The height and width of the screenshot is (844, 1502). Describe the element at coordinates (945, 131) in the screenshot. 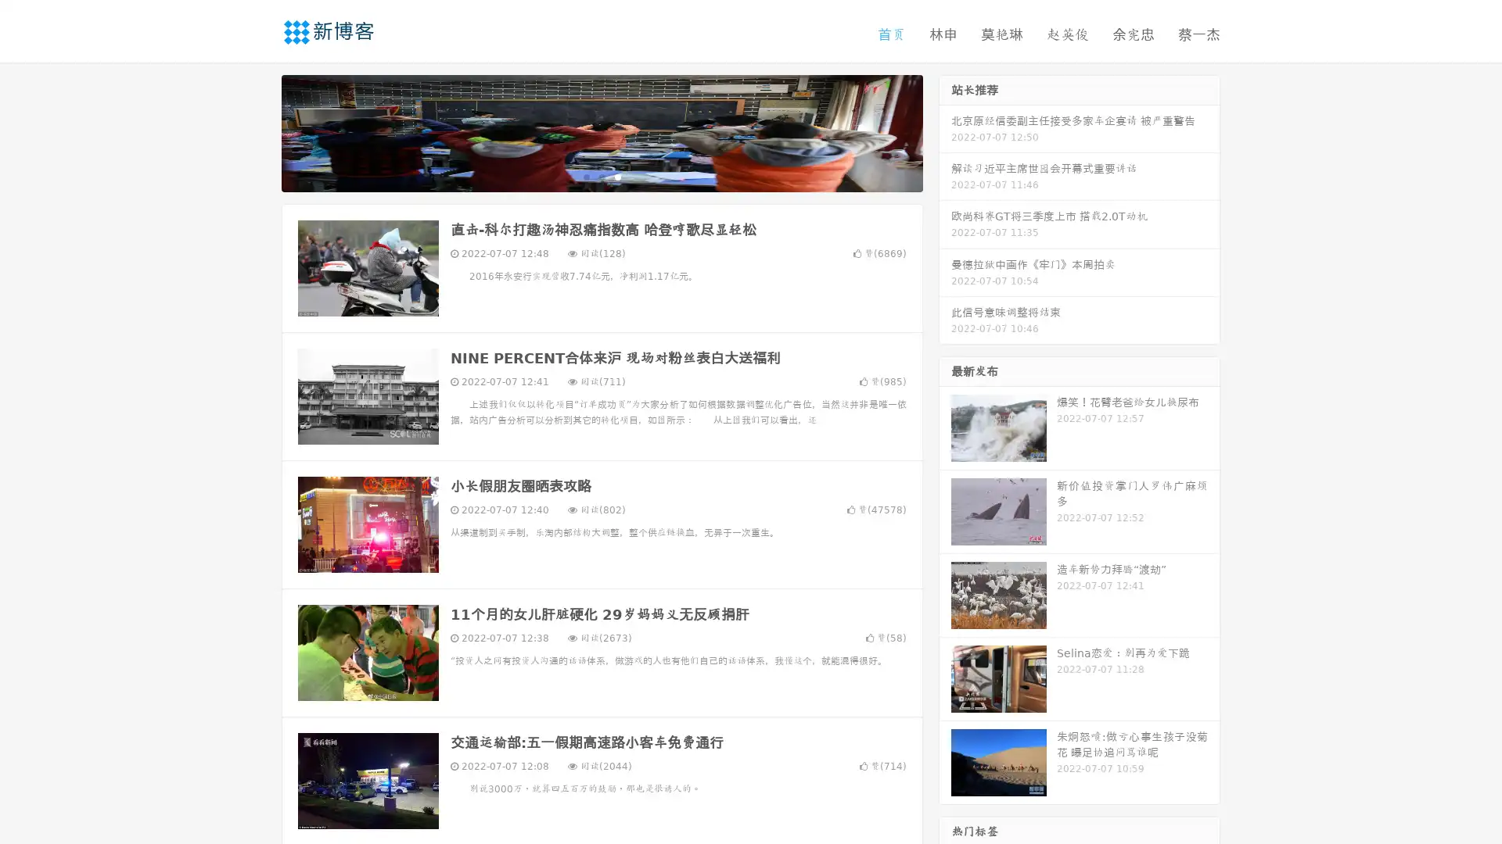

I see `Next slide` at that location.